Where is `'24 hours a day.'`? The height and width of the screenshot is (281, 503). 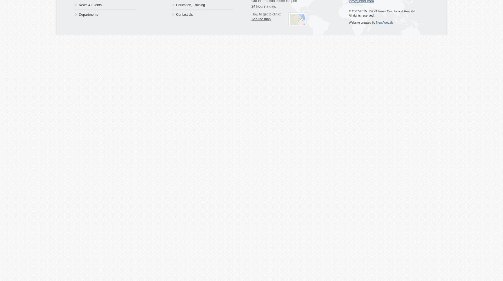 '24 hours a day.' is located at coordinates (264, 6).